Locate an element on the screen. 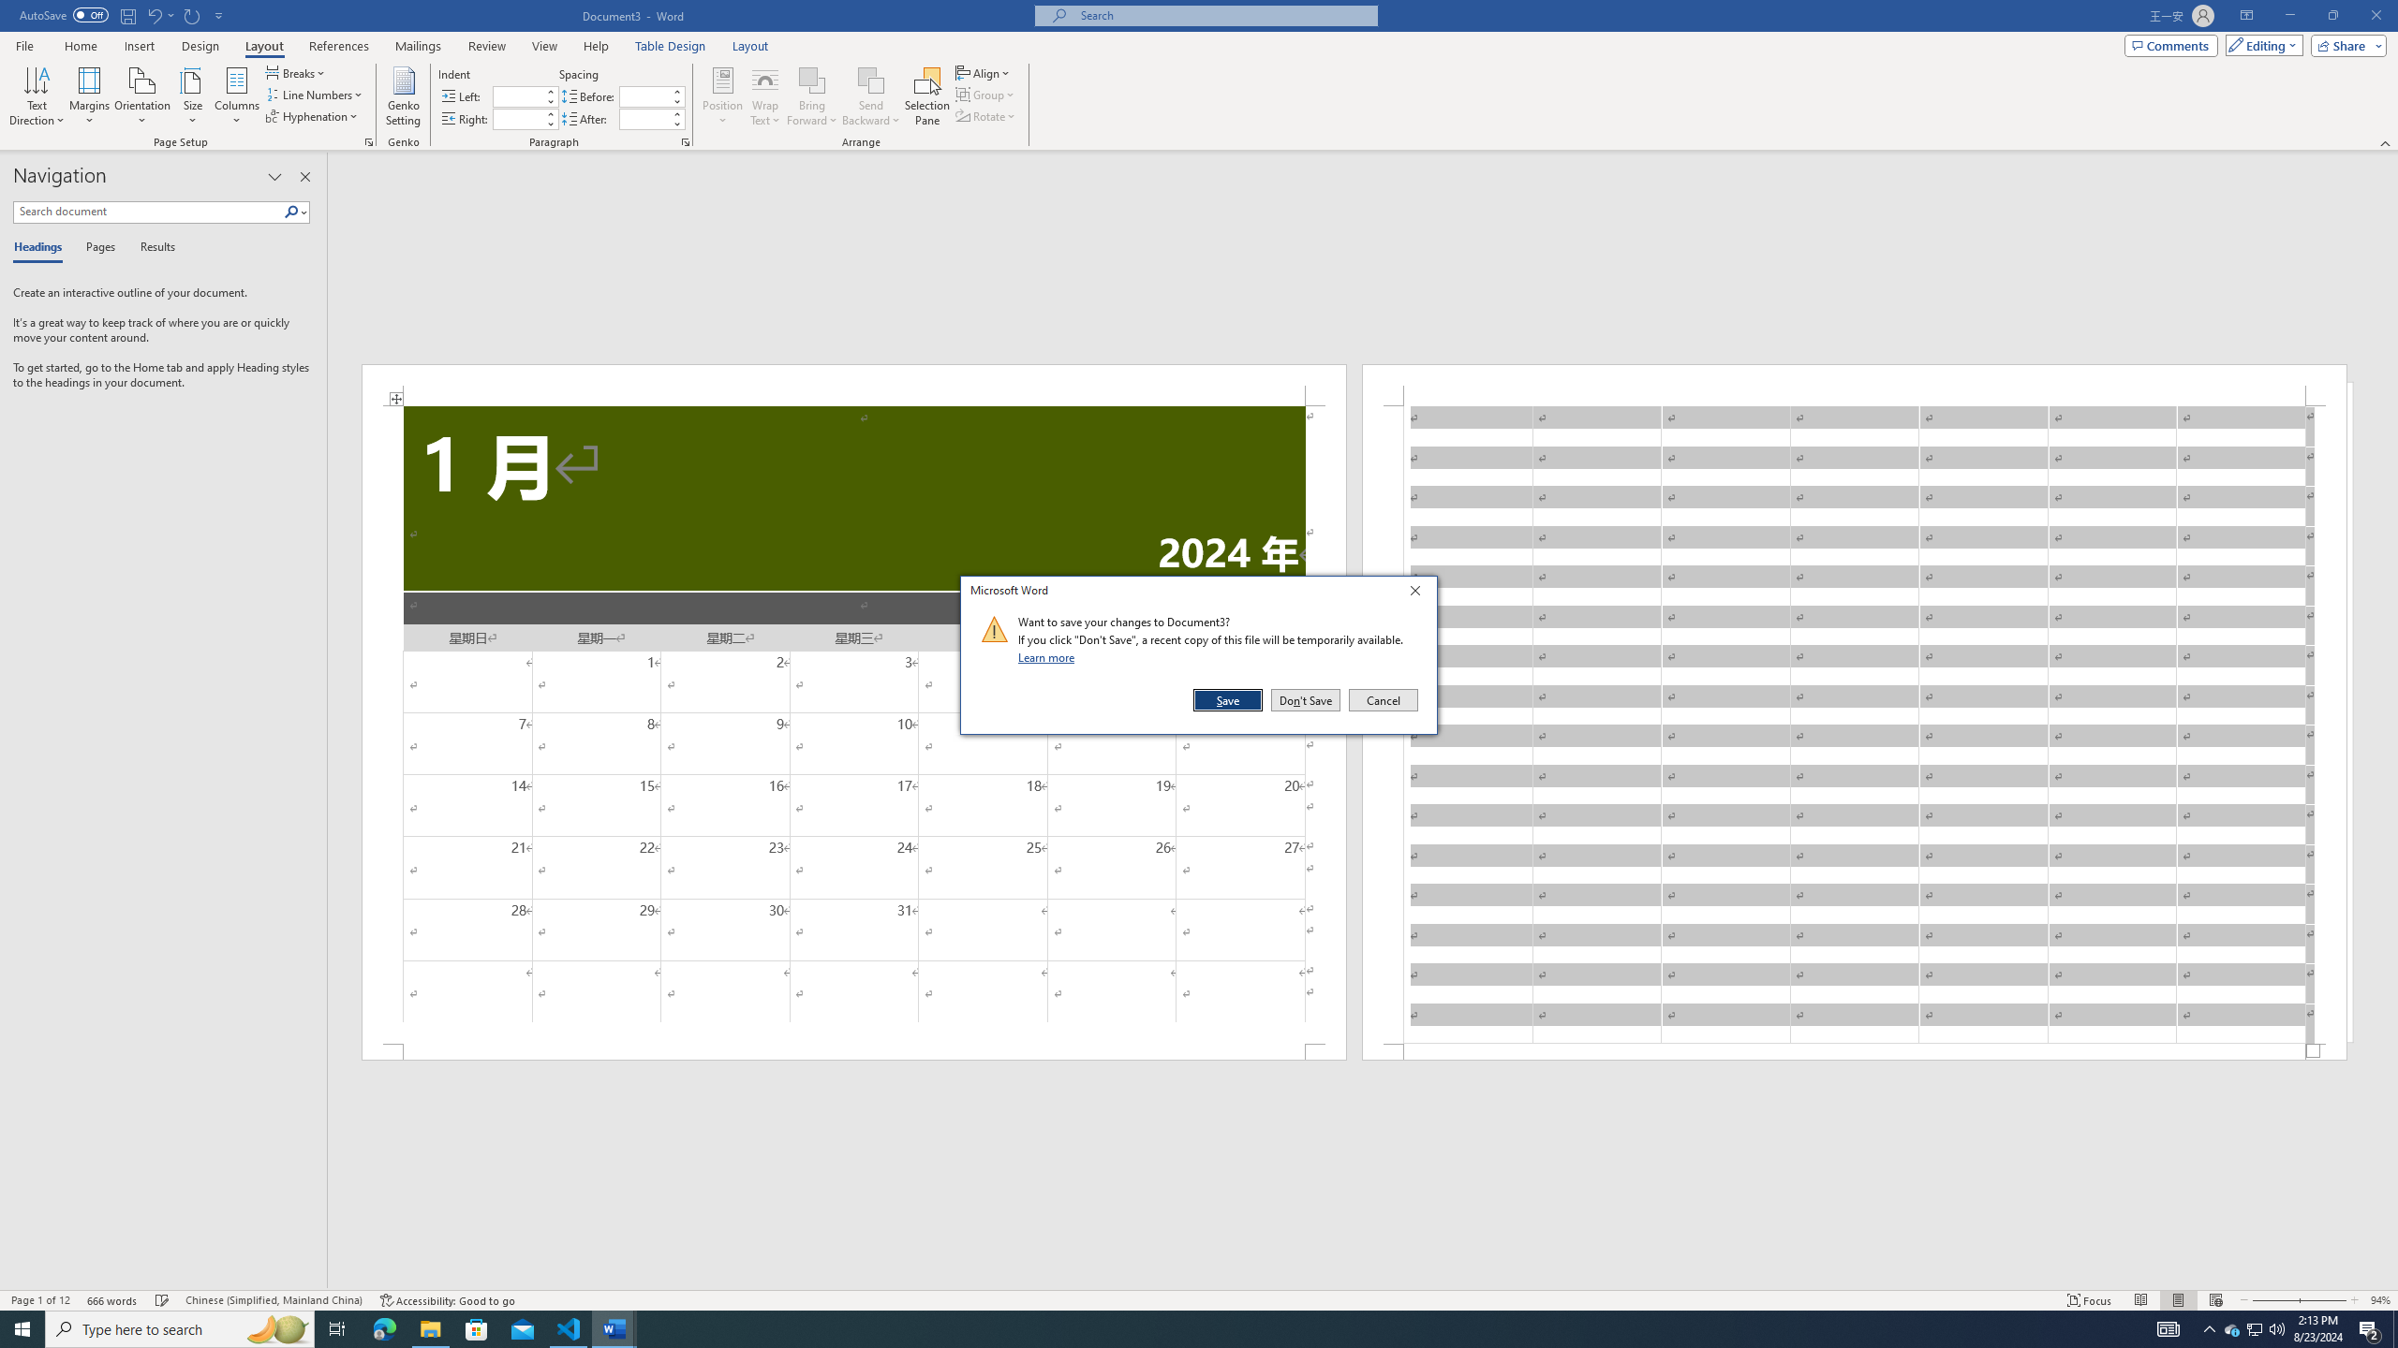 This screenshot has height=1348, width=2398. 'Page Number Page 1 of 12' is located at coordinates (39, 1300).